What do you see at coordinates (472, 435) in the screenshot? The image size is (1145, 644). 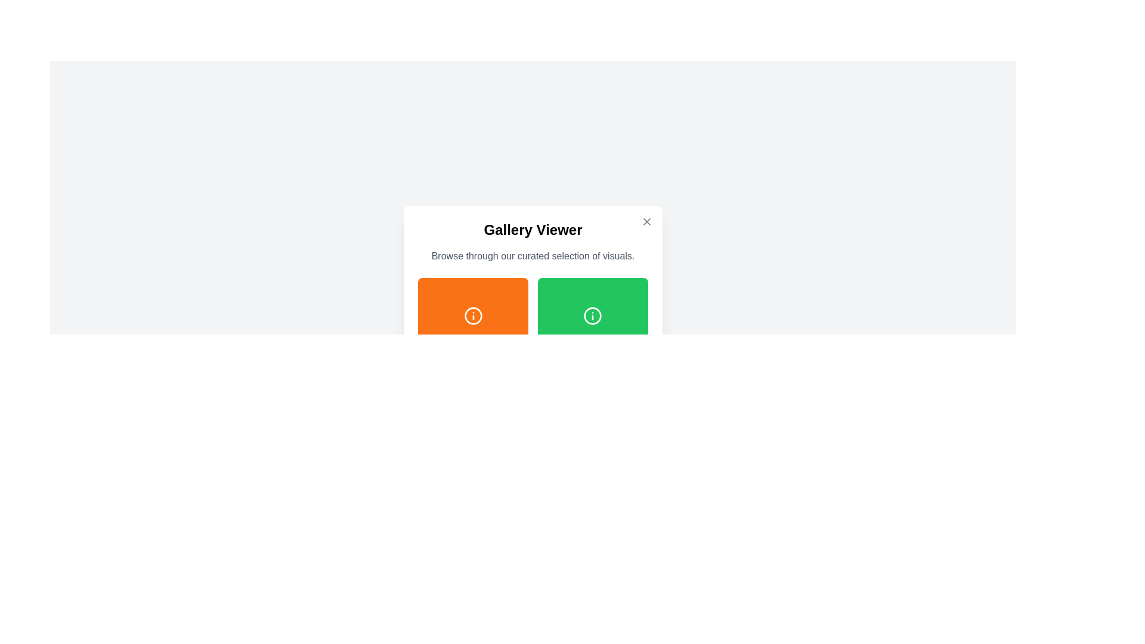 I see `the circular informational icon with a centered 'i' symbol` at bounding box center [472, 435].